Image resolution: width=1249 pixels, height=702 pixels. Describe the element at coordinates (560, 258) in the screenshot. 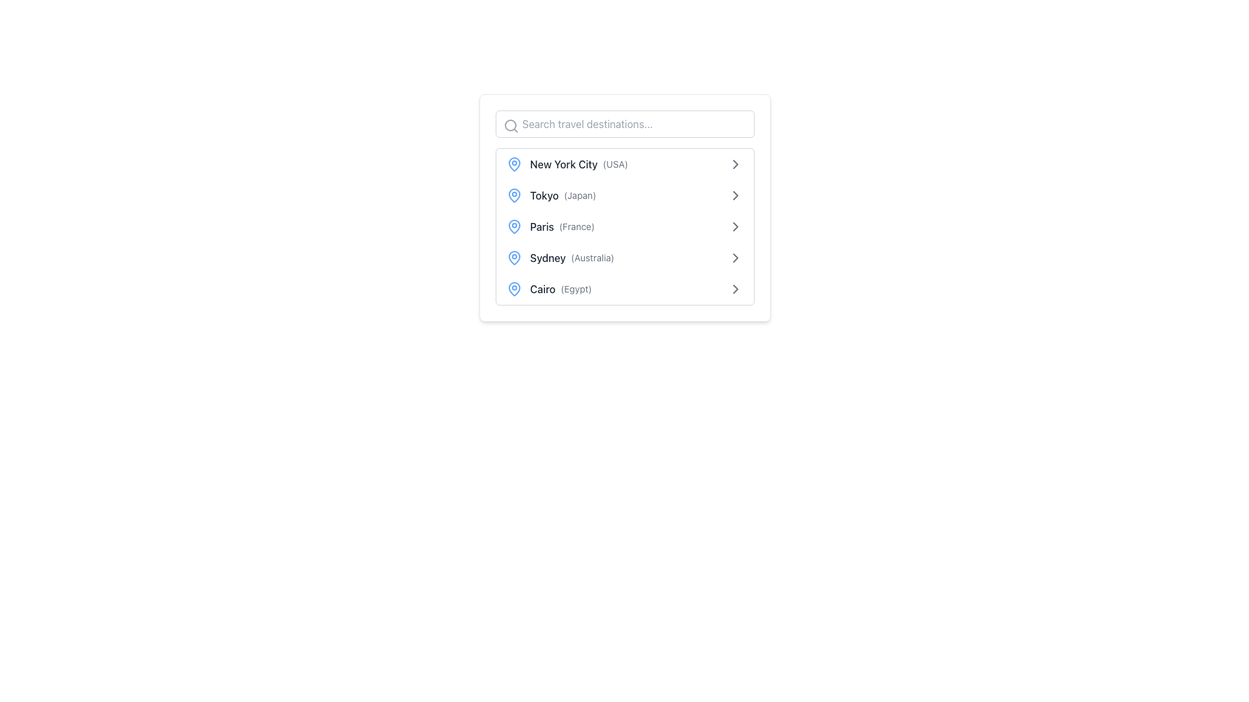

I see `the List Item displaying 'Sydney (Australia)' with a blue location pin, which is the fourth item in the travel destinations list` at that location.